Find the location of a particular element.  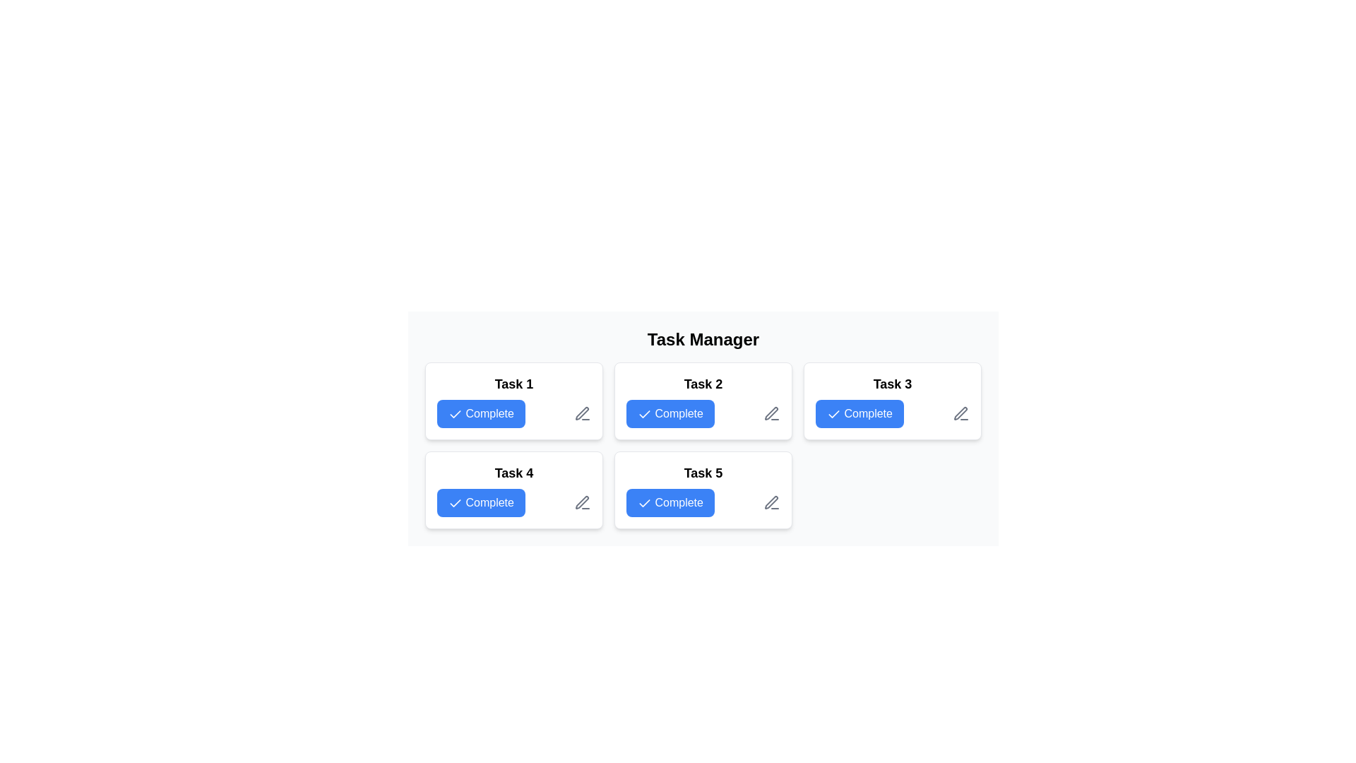

the blue 'Complete' button on the top-left card is located at coordinates (513, 401).